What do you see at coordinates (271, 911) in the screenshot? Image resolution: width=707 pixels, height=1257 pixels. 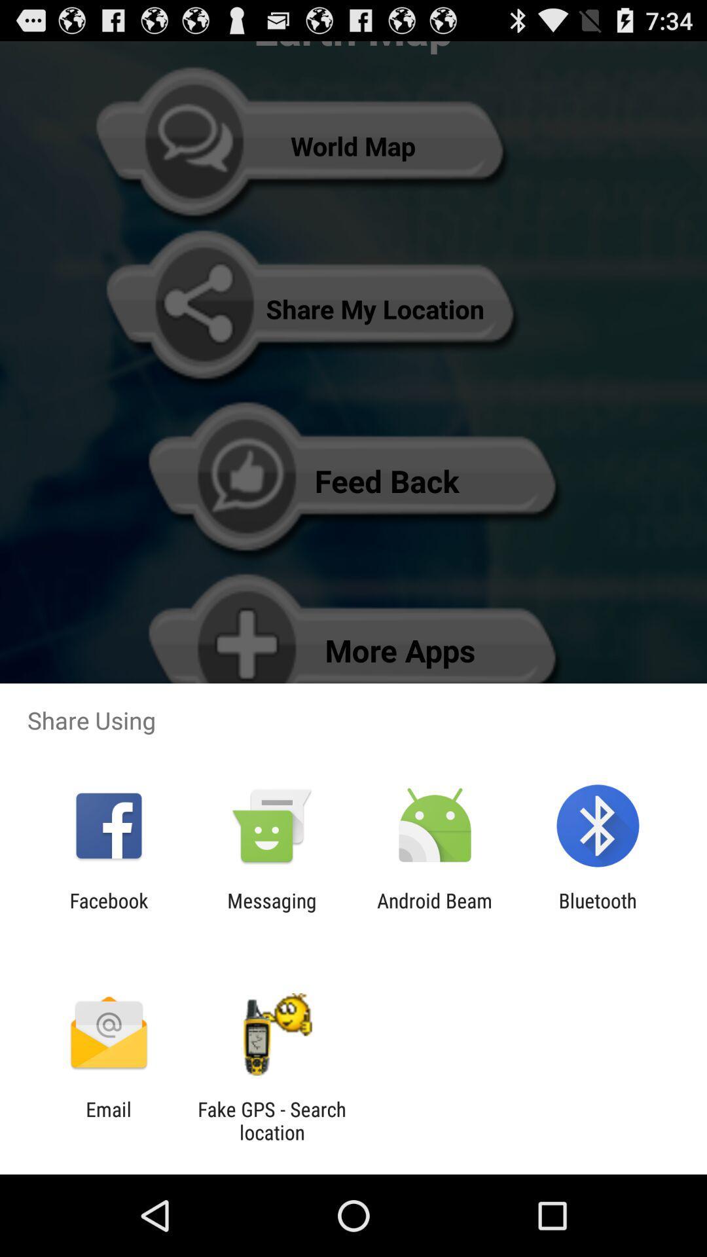 I see `the icon next to the facebook` at bounding box center [271, 911].